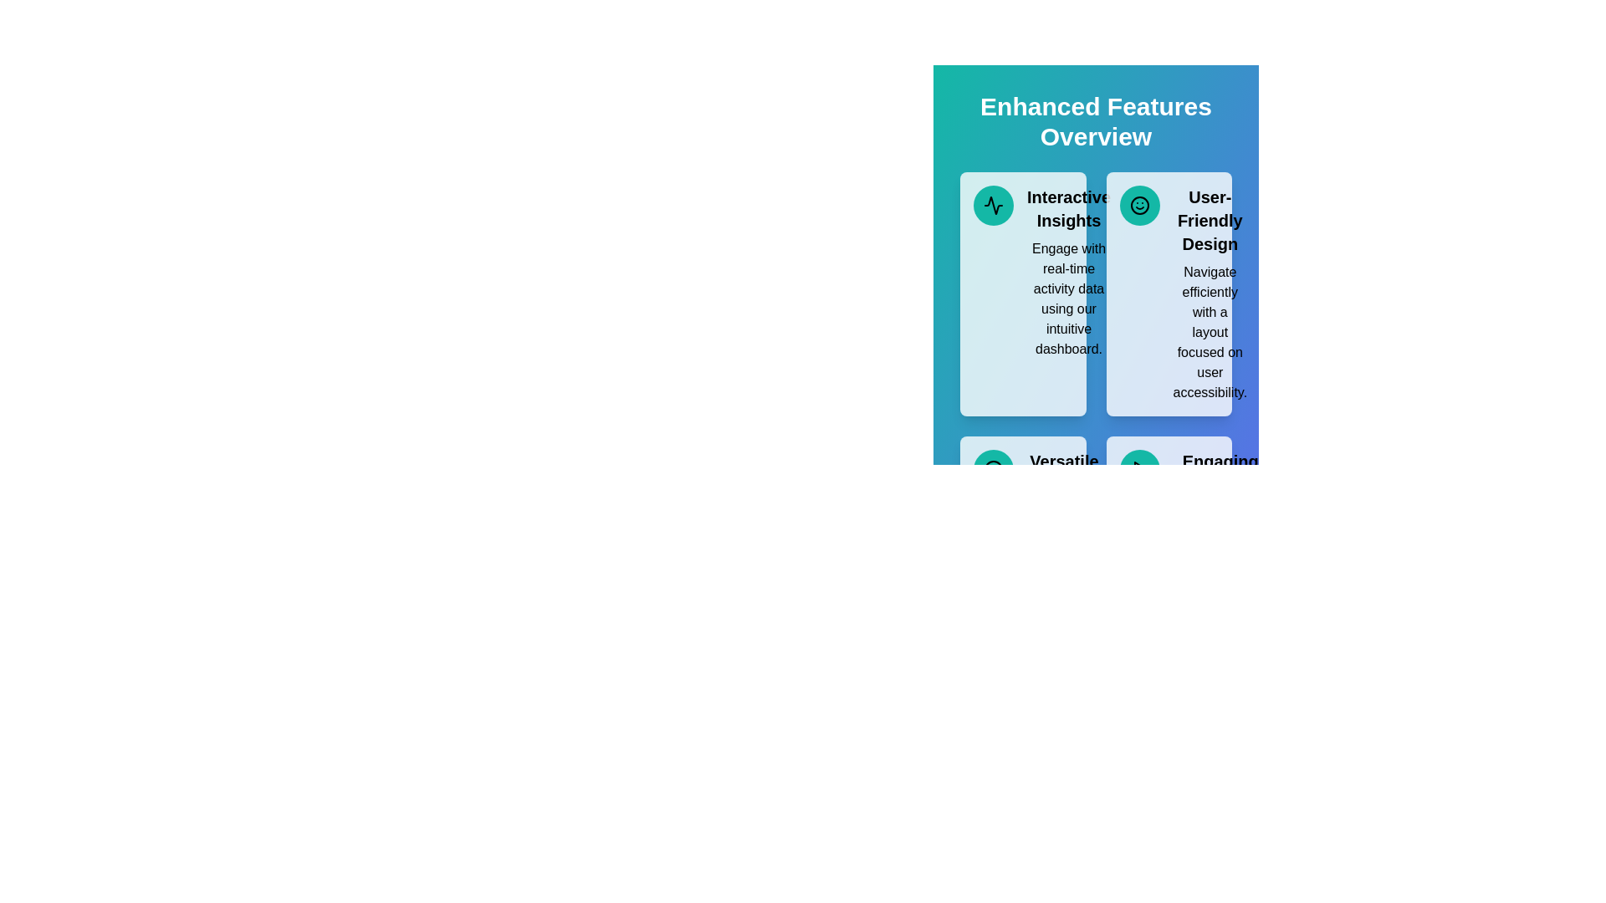  What do you see at coordinates (1067, 208) in the screenshot?
I see `title 'Interactive Insights' from the Text Label located at the upper part of the first card in the grid layout, which serves as the main feature highlight` at bounding box center [1067, 208].